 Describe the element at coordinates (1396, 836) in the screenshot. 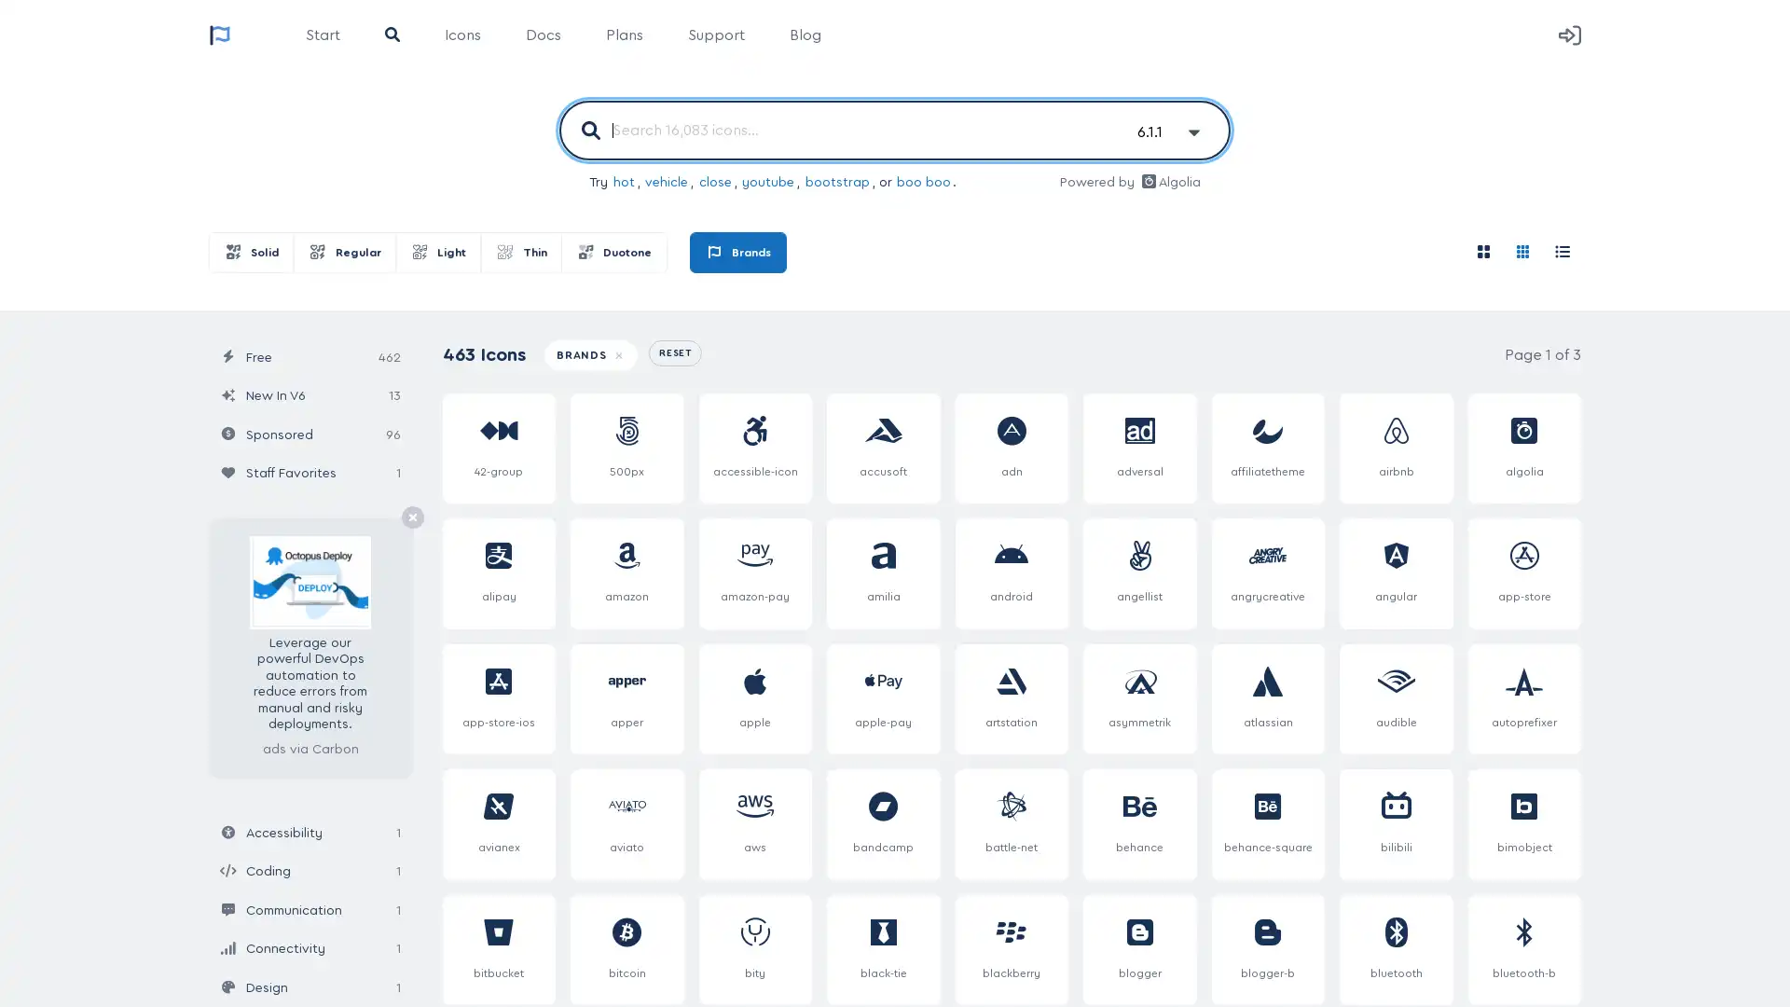

I see `bilibili` at that location.